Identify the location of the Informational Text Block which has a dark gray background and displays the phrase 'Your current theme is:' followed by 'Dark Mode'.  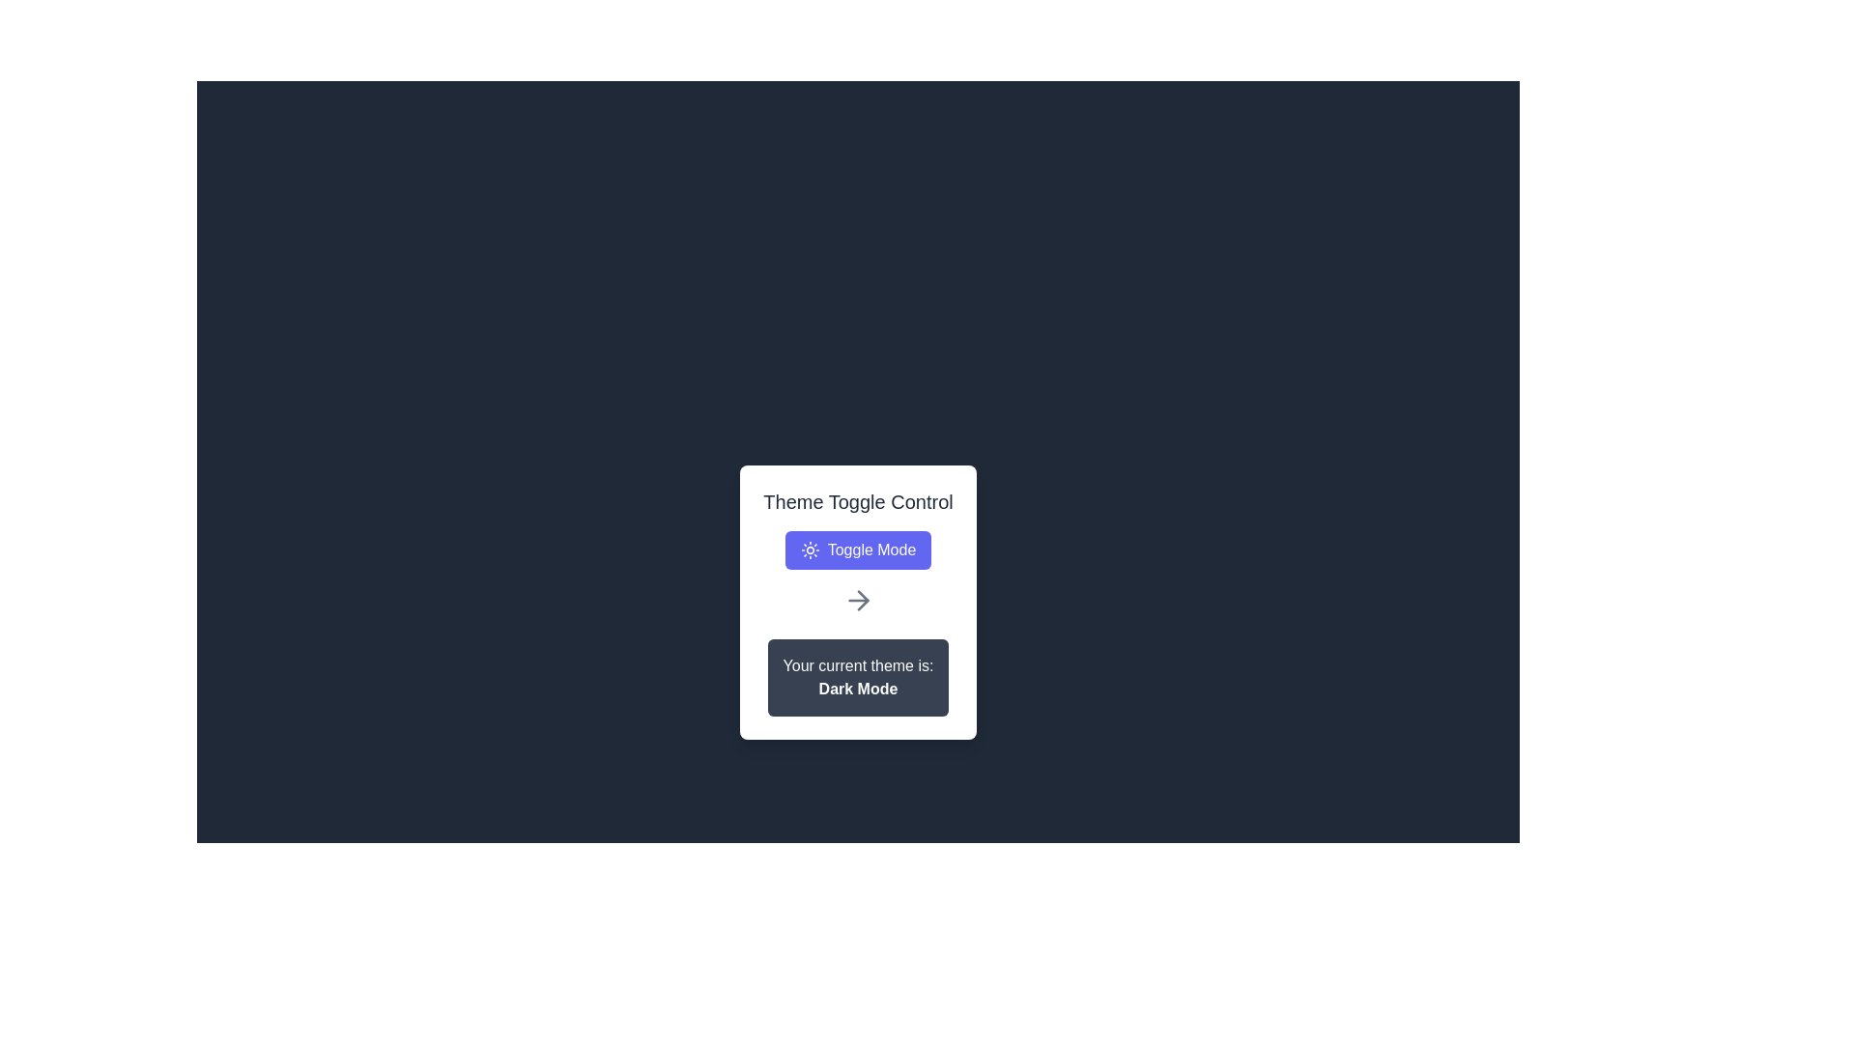
(857, 677).